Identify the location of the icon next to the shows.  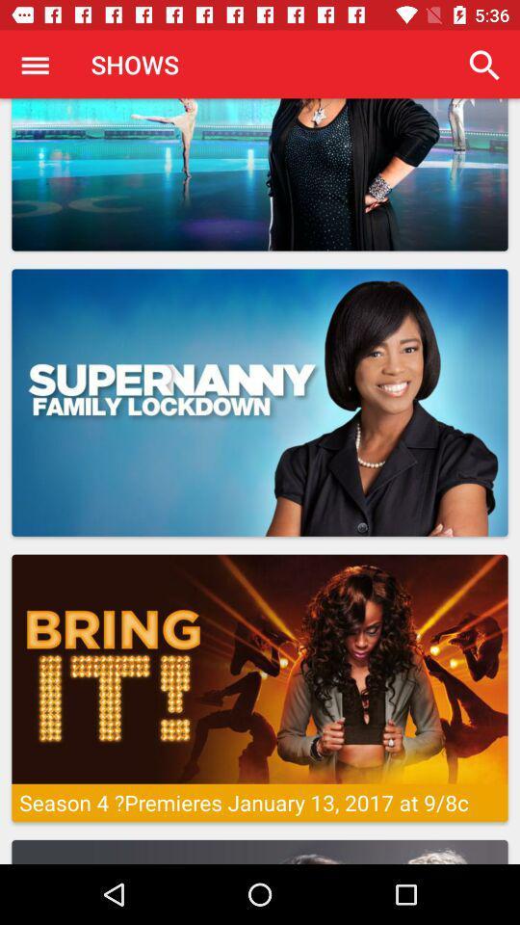
(35, 65).